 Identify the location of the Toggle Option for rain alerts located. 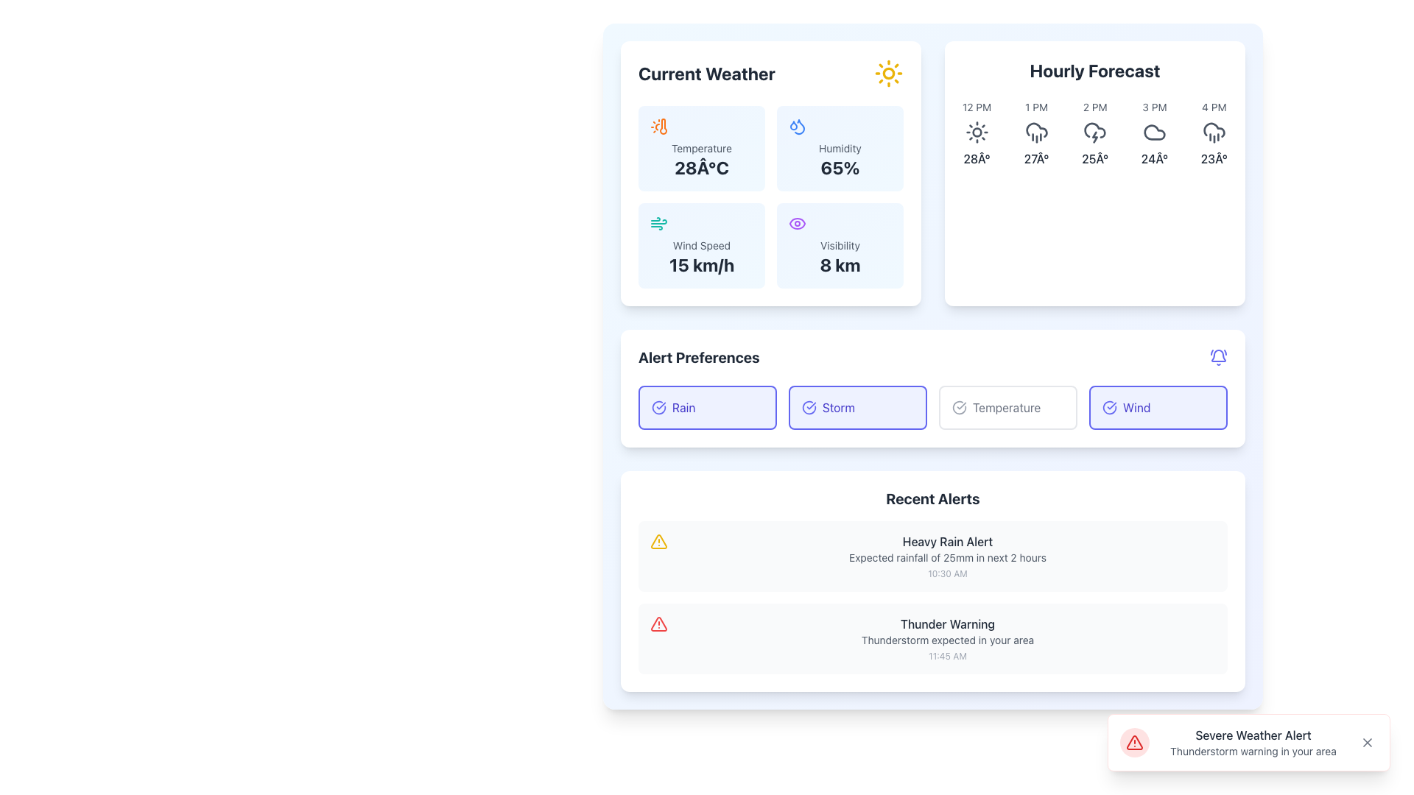
(707, 408).